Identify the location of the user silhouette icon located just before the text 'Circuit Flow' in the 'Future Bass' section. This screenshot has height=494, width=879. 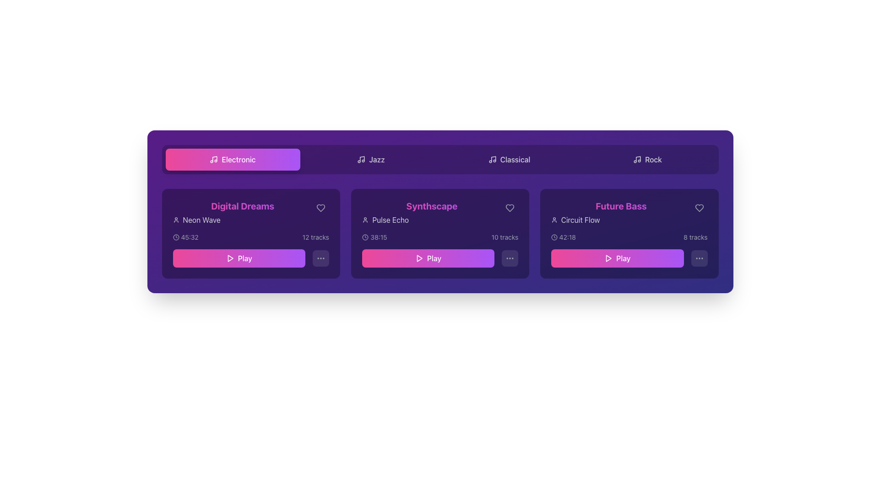
(554, 220).